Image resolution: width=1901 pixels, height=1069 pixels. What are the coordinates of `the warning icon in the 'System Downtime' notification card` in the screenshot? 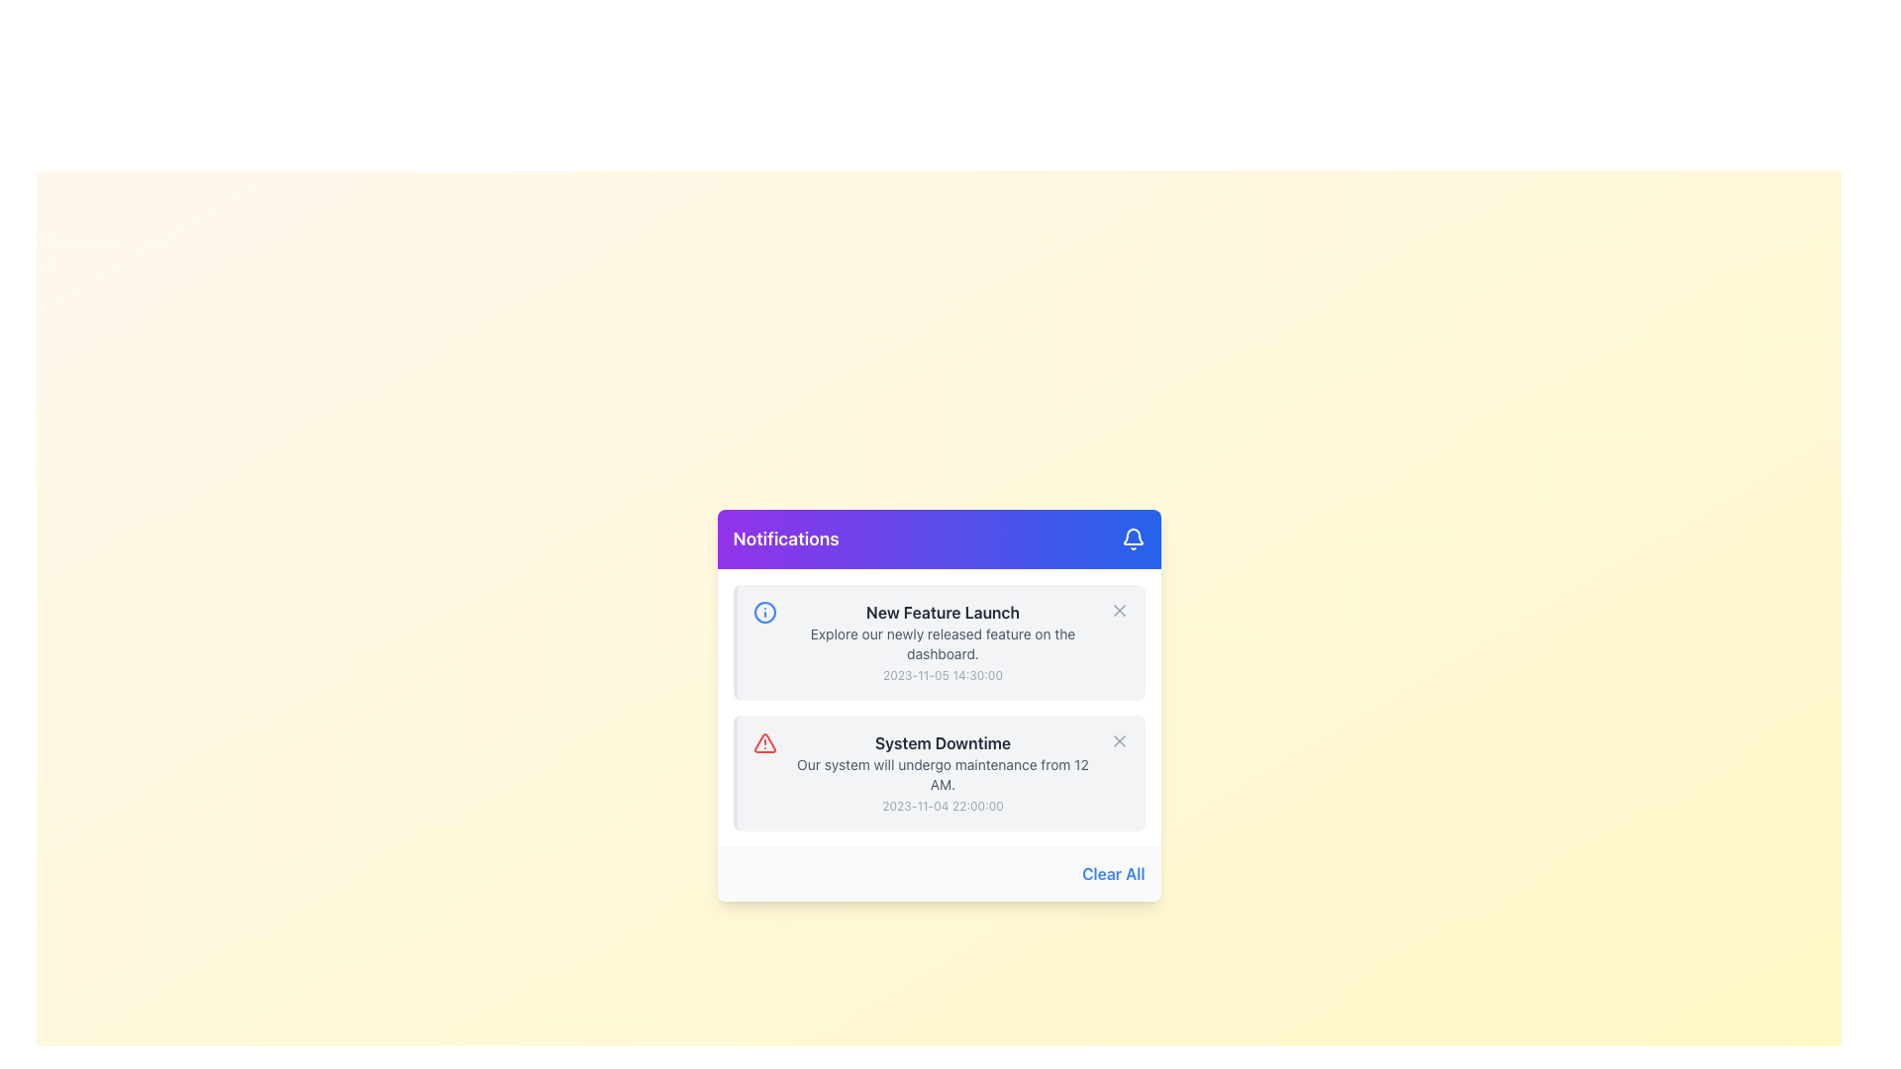 It's located at (763, 743).